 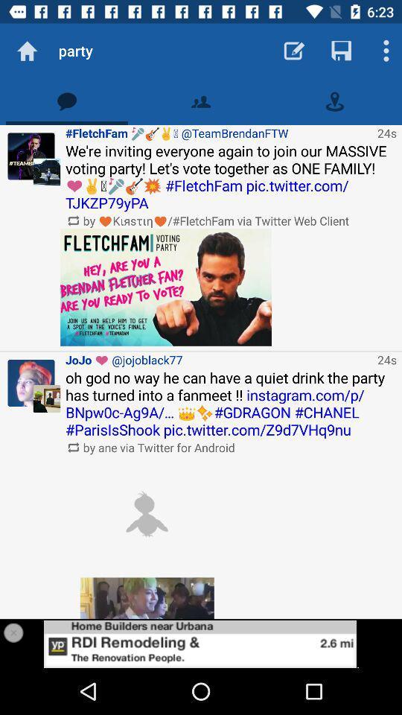 What do you see at coordinates (231, 177) in the screenshot?
I see `we re inviting` at bounding box center [231, 177].